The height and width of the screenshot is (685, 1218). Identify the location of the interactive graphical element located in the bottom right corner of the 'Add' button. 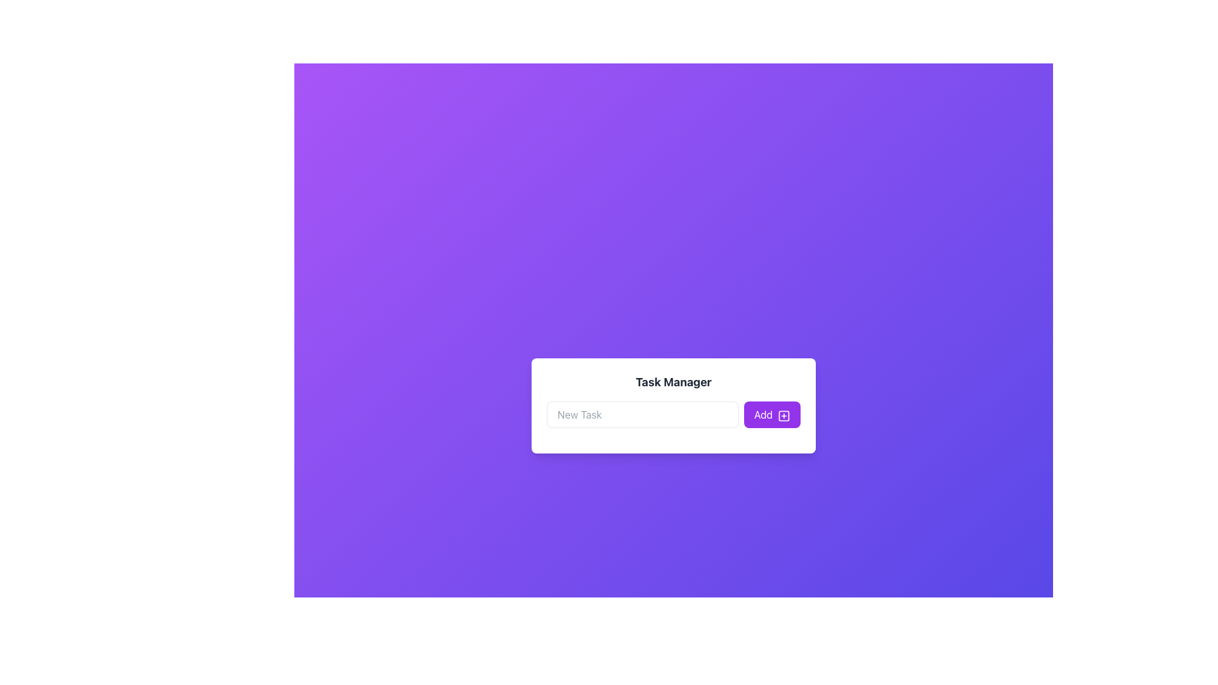
(783, 415).